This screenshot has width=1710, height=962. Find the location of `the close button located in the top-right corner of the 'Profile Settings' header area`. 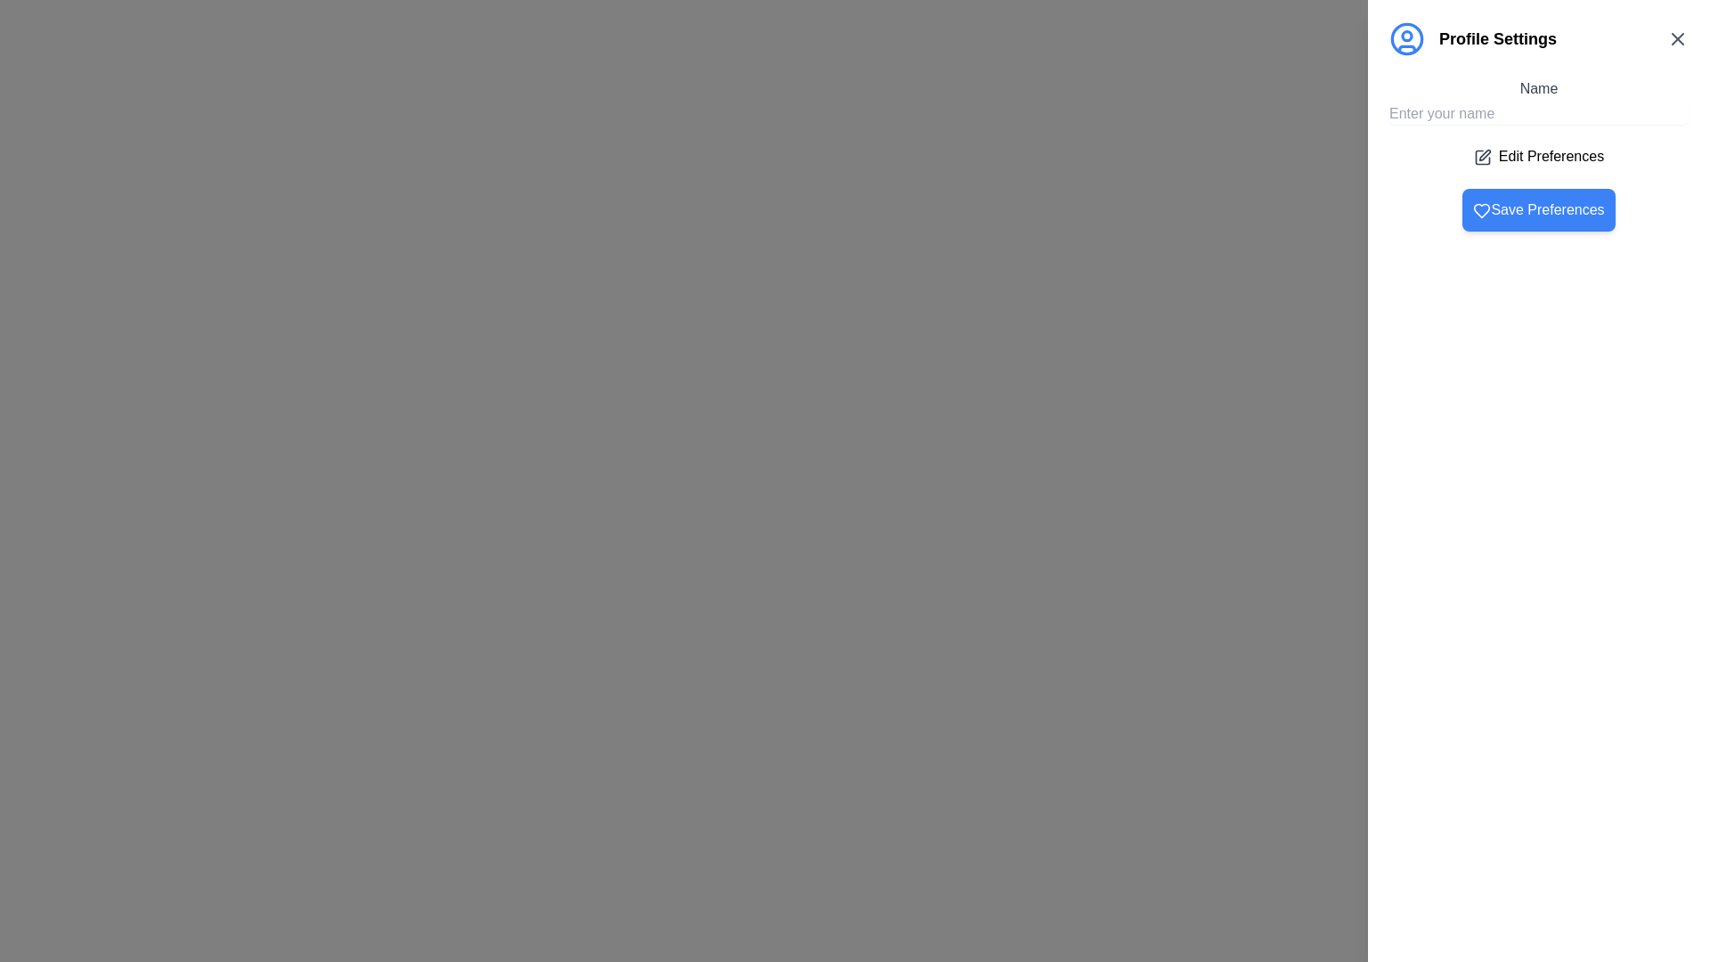

the close button located in the top-right corner of the 'Profile Settings' header area is located at coordinates (1676, 38).